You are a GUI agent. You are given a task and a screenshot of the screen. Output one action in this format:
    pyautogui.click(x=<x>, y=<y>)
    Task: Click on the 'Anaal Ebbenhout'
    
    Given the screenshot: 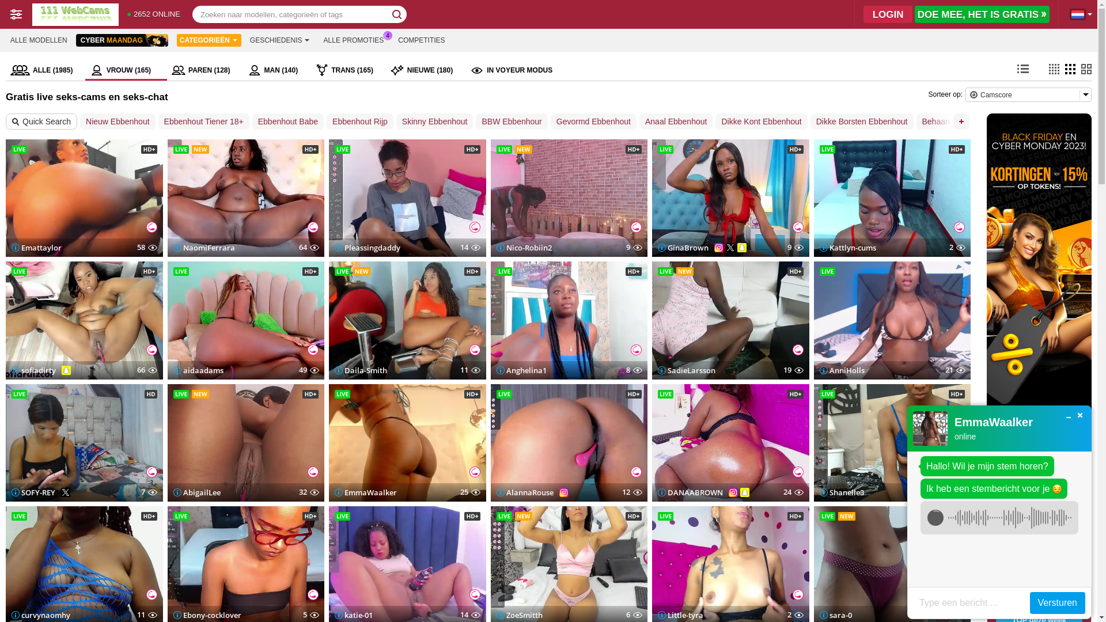 What is the action you would take?
    pyautogui.click(x=676, y=122)
    